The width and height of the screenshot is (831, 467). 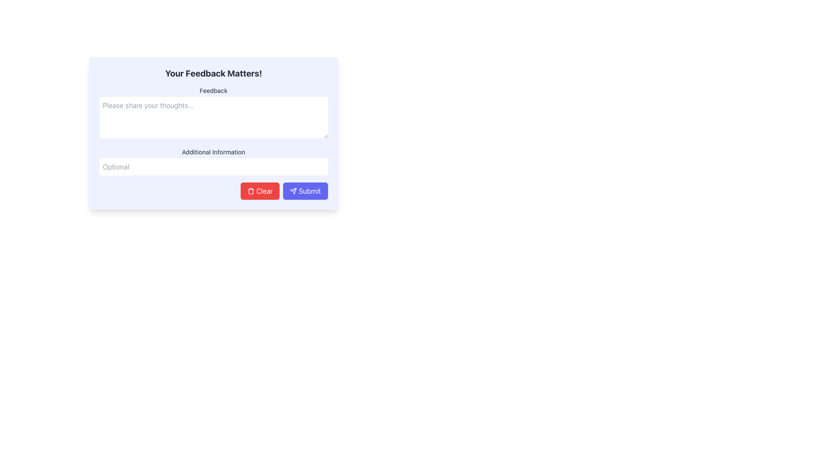 What do you see at coordinates (305, 191) in the screenshot?
I see `the 'Submit' button located to the right of the 'Clear' button at the bottom of the modal window` at bounding box center [305, 191].